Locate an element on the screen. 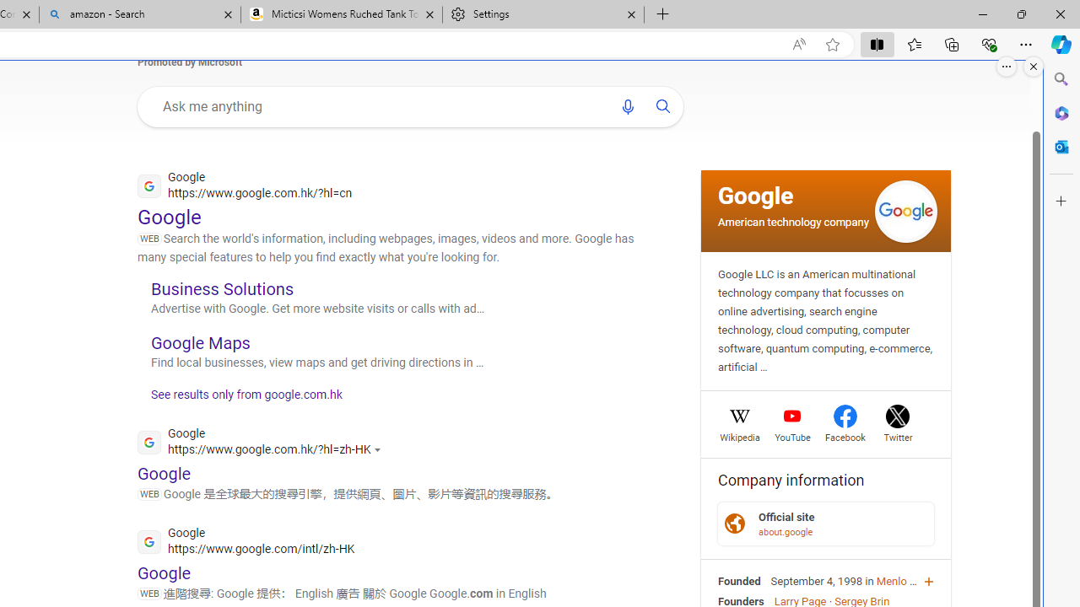 The width and height of the screenshot is (1080, 607). 'Menlo Park' is located at coordinates (903, 580).